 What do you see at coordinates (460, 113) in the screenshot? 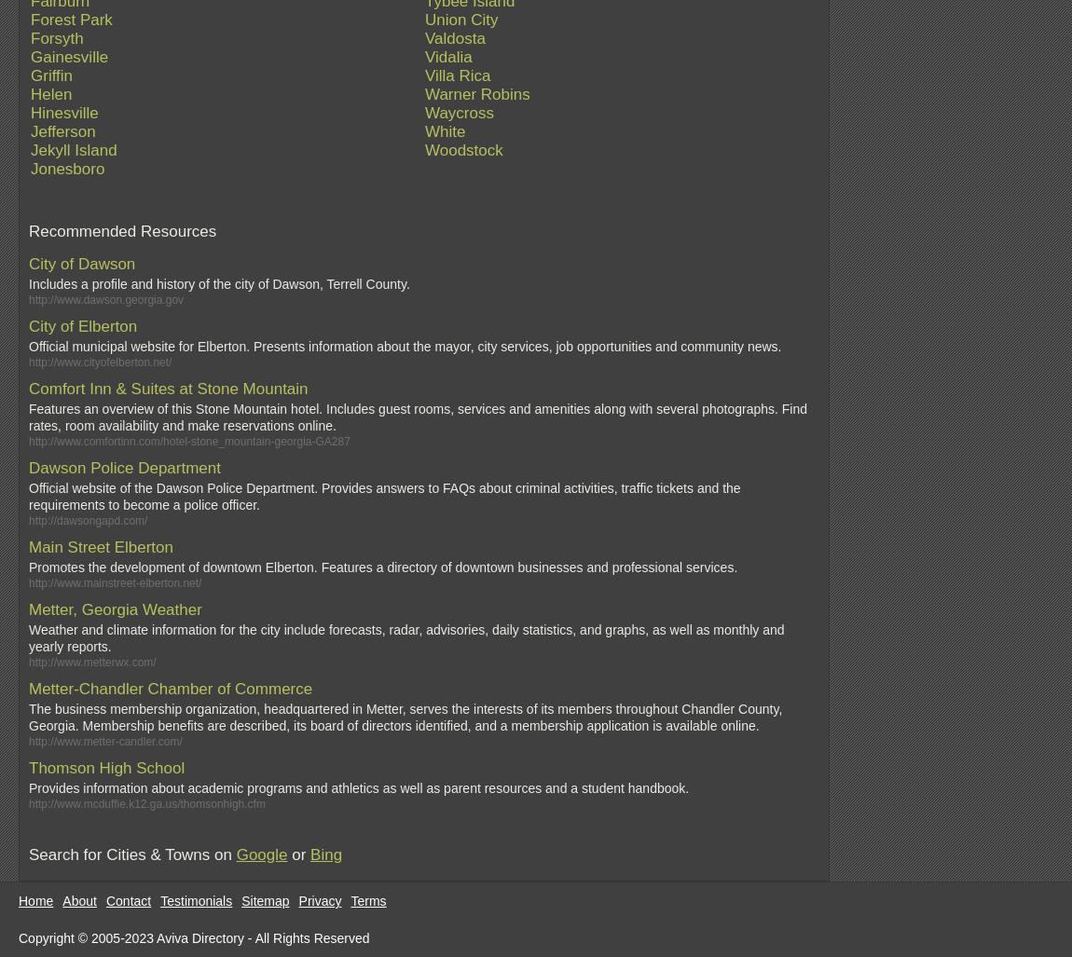
I see `'Waycross'` at bounding box center [460, 113].